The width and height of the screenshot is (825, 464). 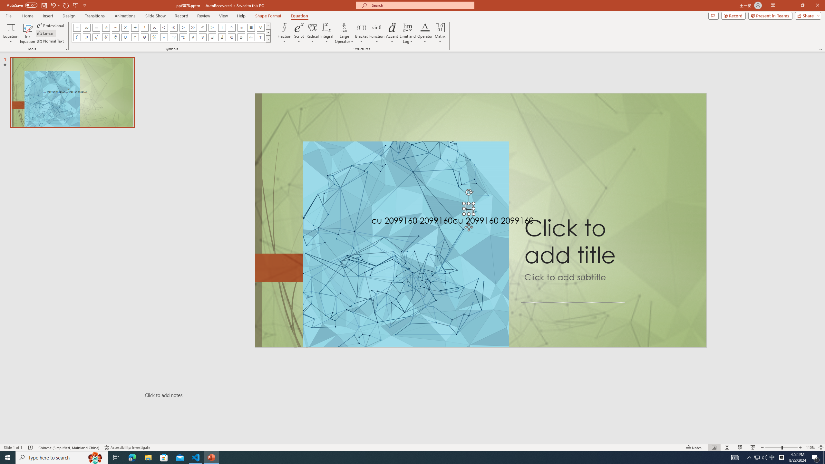 What do you see at coordinates (241, 27) in the screenshot?
I see `'Equation Symbol Almost Equal To (Asymptotic To)'` at bounding box center [241, 27].